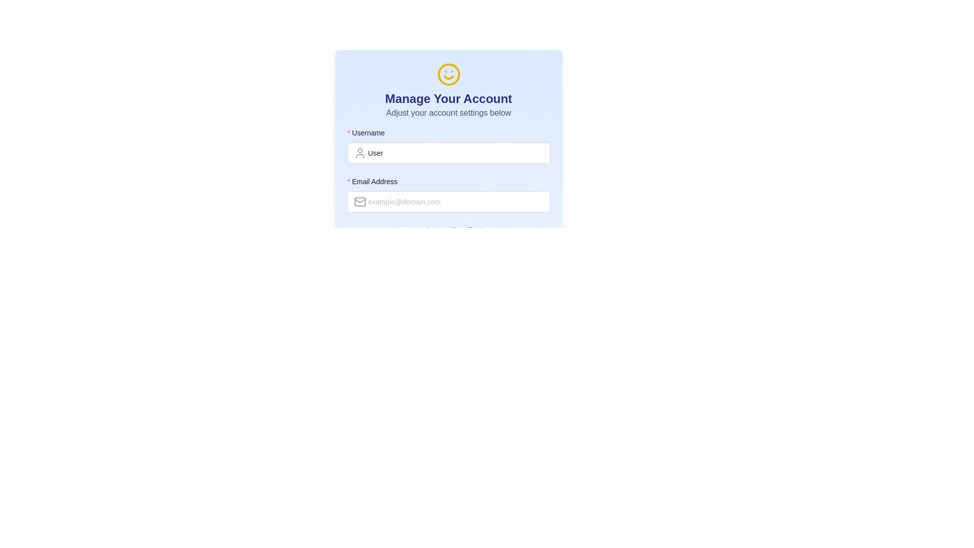 Image resolution: width=974 pixels, height=548 pixels. Describe the element at coordinates (448, 201) in the screenshot. I see `the text inside the email input field, which has a prefix envelope icon` at that location.